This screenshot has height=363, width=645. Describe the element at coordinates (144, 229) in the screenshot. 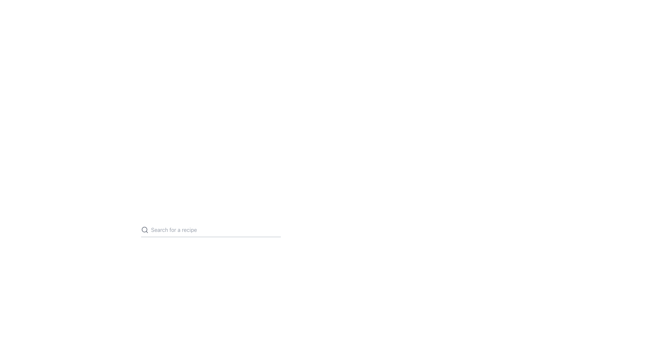

I see `the circular portion of the magnifying glass icon` at that location.